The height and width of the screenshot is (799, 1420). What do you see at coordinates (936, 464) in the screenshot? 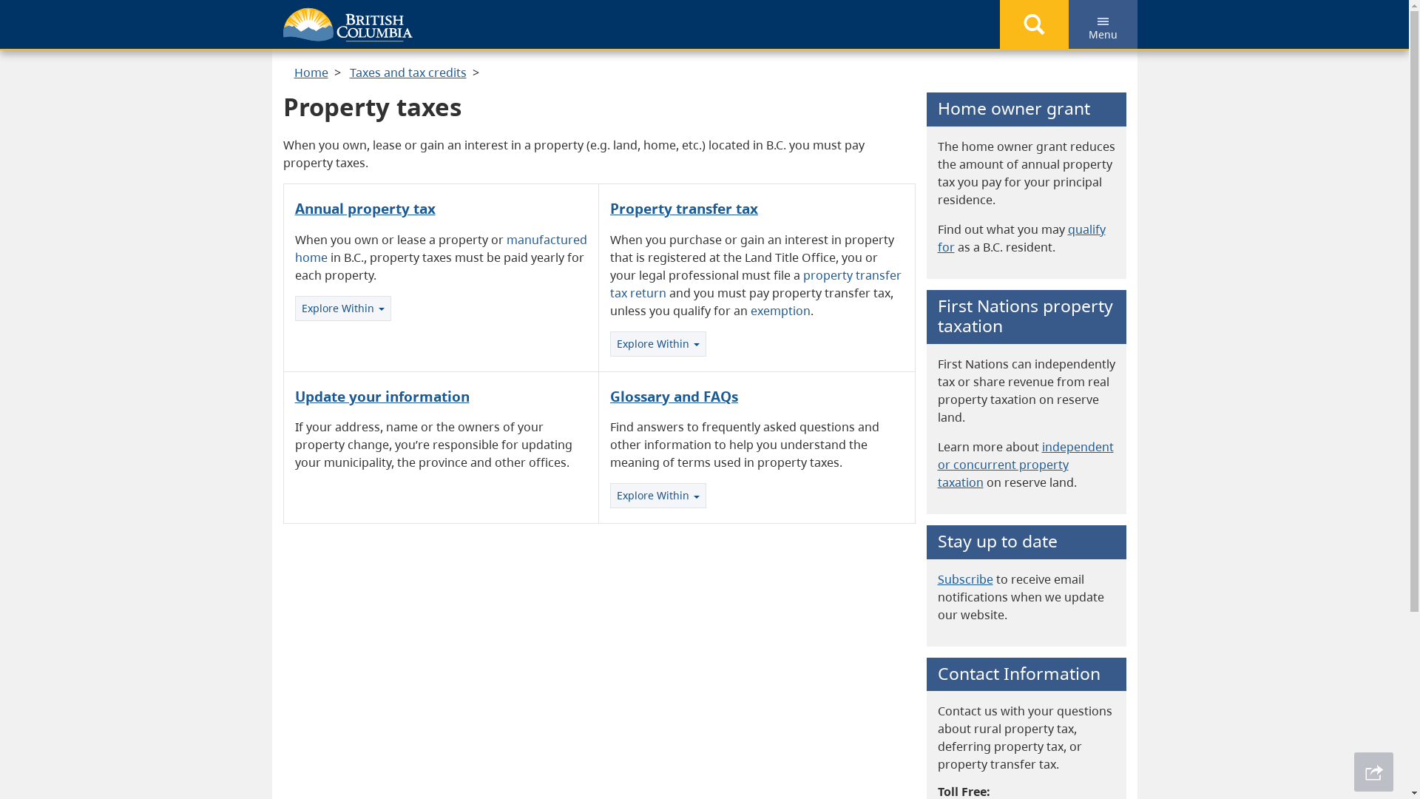
I see `'independent or concurrent property taxation'` at bounding box center [936, 464].